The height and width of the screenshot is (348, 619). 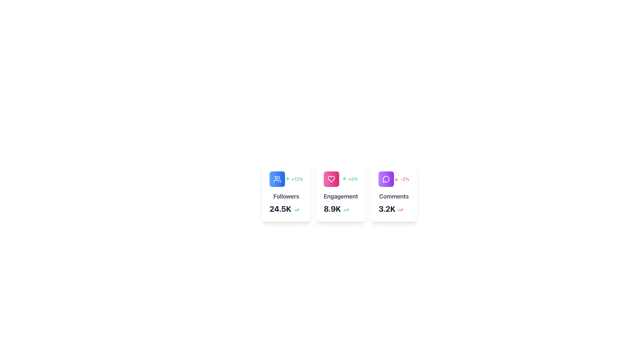 What do you see at coordinates (296, 210) in the screenshot?
I see `the positive trend icon located at the bottom-right corner of the 'Followers' card, adjacent to the numeric value '24.5K.'` at bounding box center [296, 210].